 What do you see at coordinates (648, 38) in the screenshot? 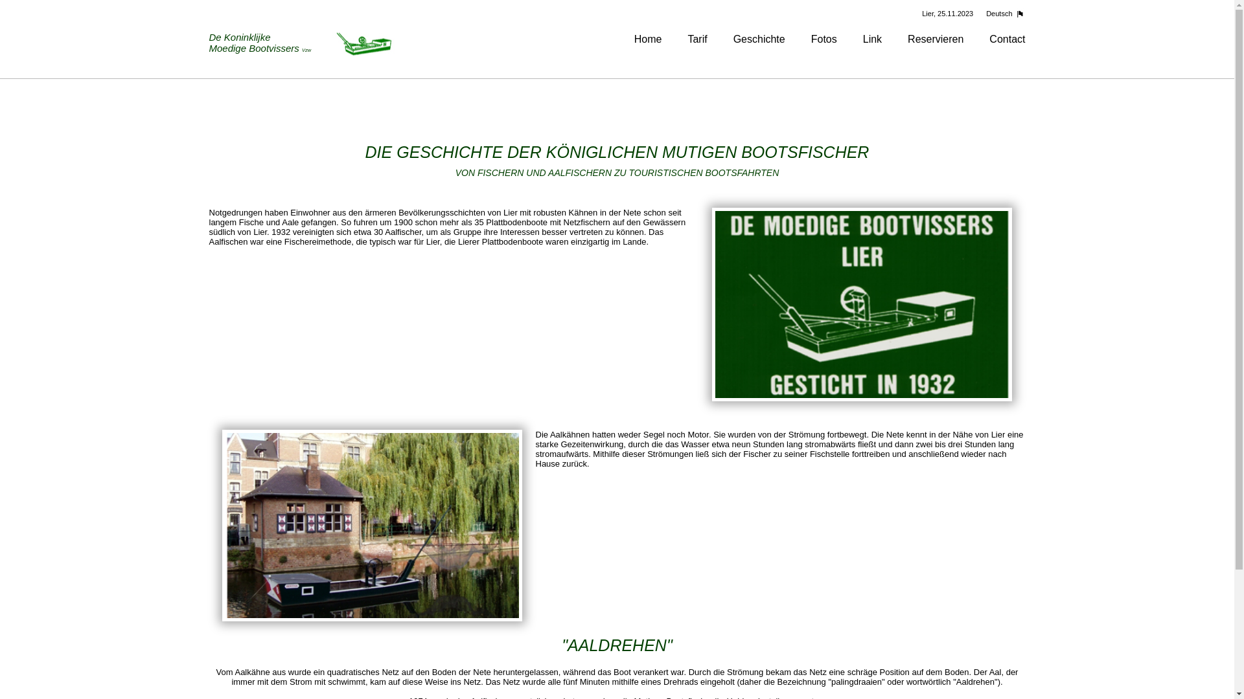
I see `'Home'` at bounding box center [648, 38].